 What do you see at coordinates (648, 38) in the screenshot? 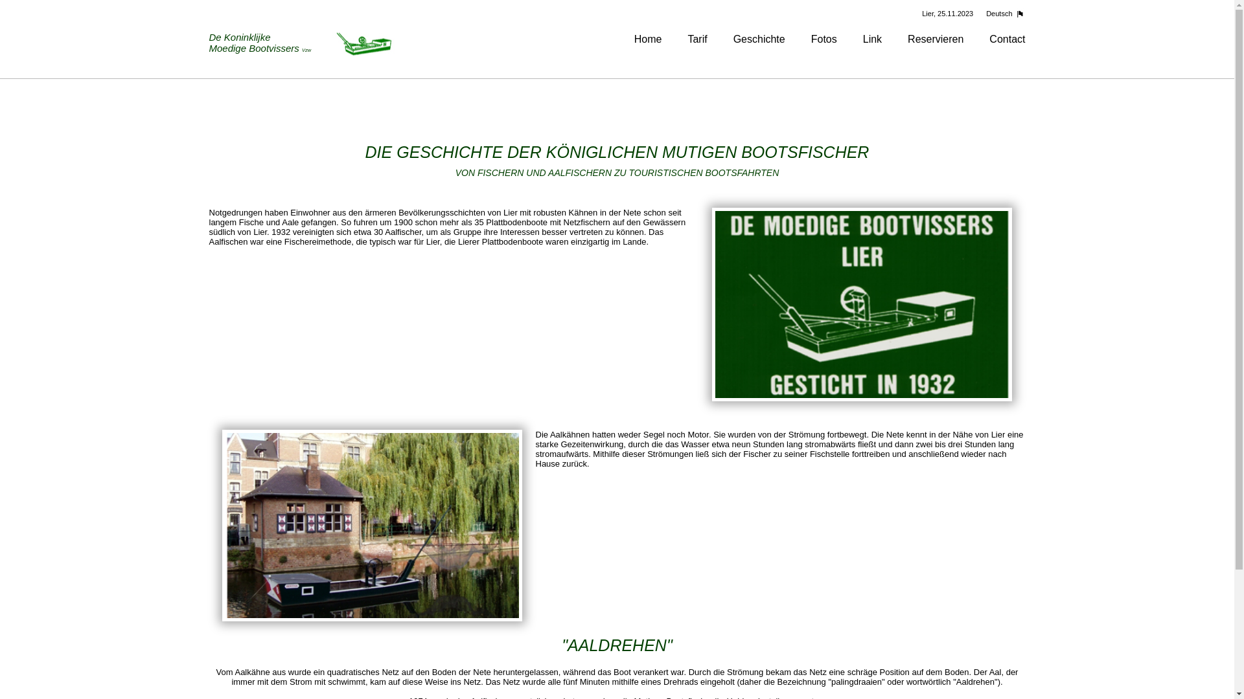
I see `'Home'` at bounding box center [648, 38].